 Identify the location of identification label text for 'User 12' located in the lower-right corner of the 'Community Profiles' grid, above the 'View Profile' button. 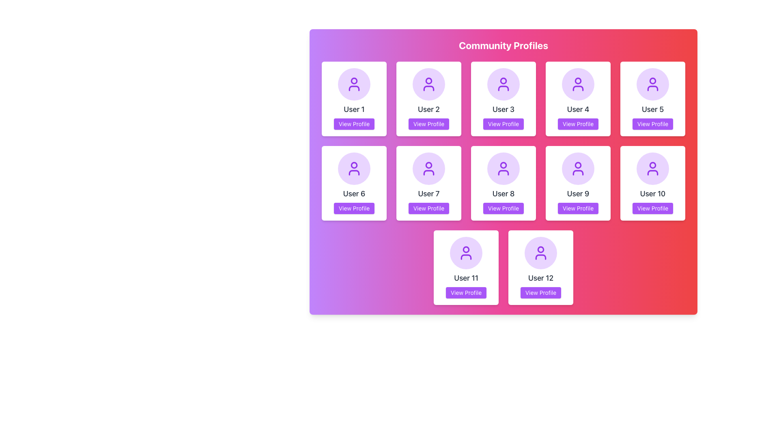
(541, 278).